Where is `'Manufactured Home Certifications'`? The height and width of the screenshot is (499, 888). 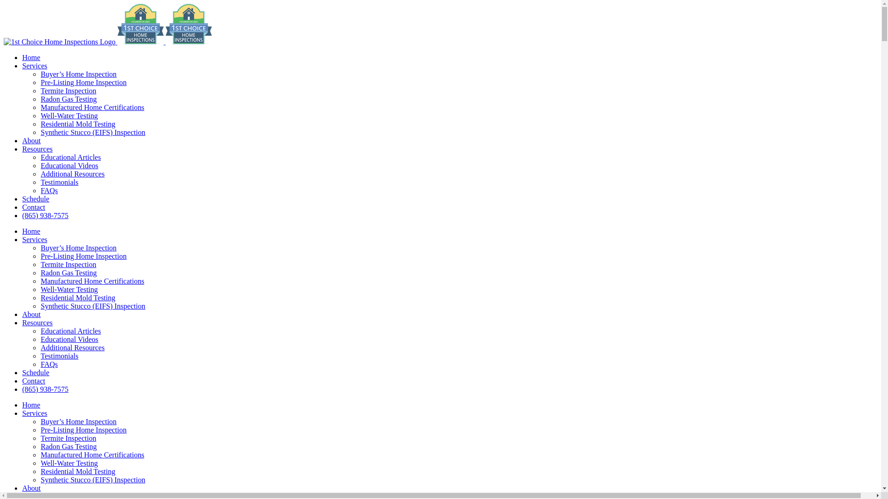
'Manufactured Home Certifications' is located at coordinates (40, 280).